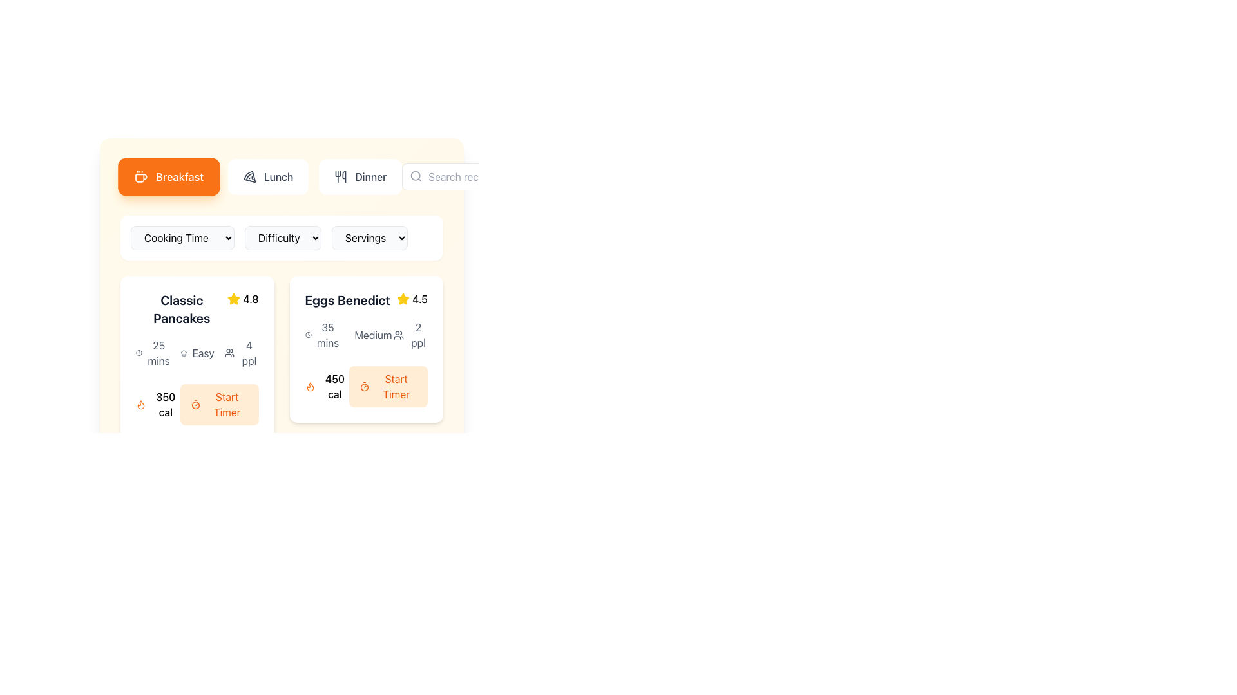 The image size is (1237, 695). What do you see at coordinates (327, 386) in the screenshot?
I see `the text element displaying the caloric value ('450 cal') of the food item ('Eggs Benedict') located in the bottom-left corner of the card` at bounding box center [327, 386].